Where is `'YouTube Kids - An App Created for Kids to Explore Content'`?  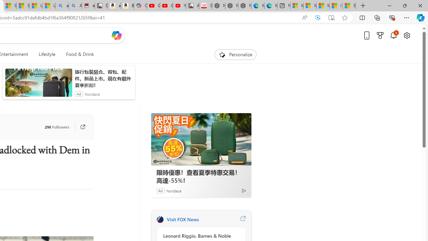 'YouTube Kids - An App Created for Kids to Explore Content' is located at coordinates (179, 6).